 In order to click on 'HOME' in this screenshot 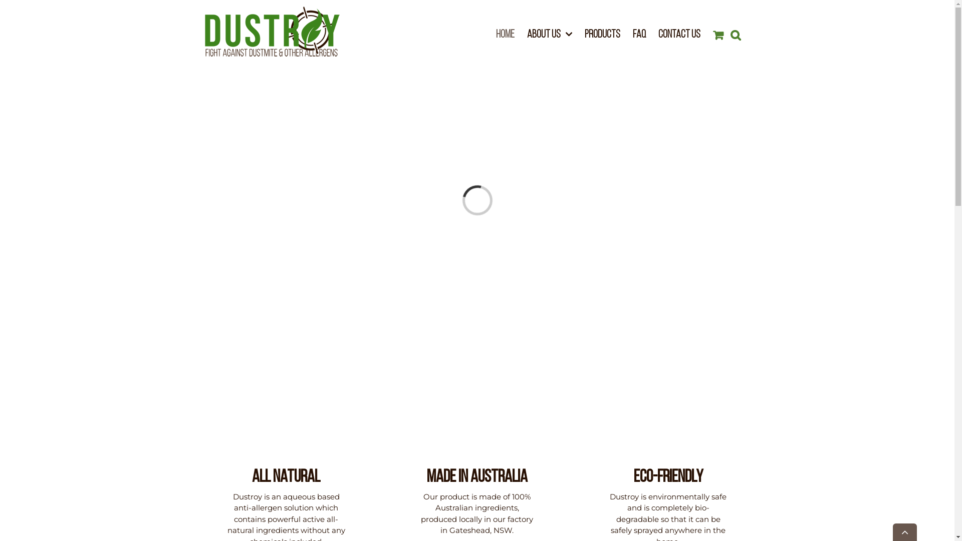, I will do `click(505, 34)`.